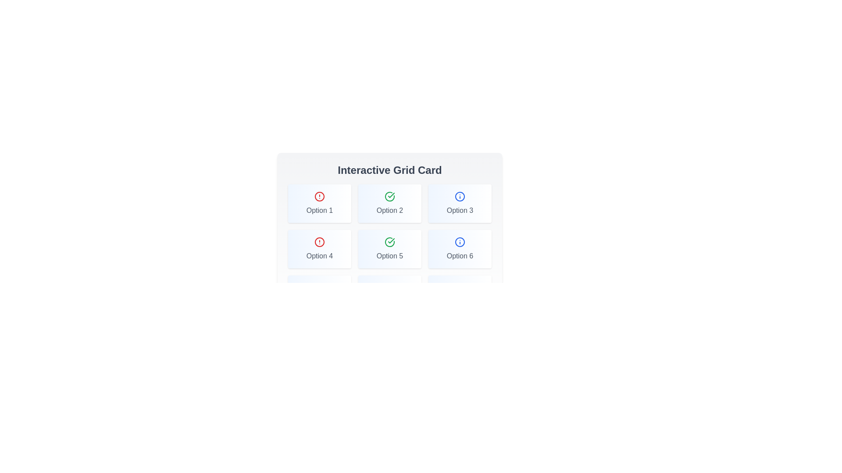 This screenshot has width=842, height=473. Describe the element at coordinates (319, 256) in the screenshot. I see `text label displaying 'Option 4' located at the bottom-center of the fourth card in the grid` at that location.